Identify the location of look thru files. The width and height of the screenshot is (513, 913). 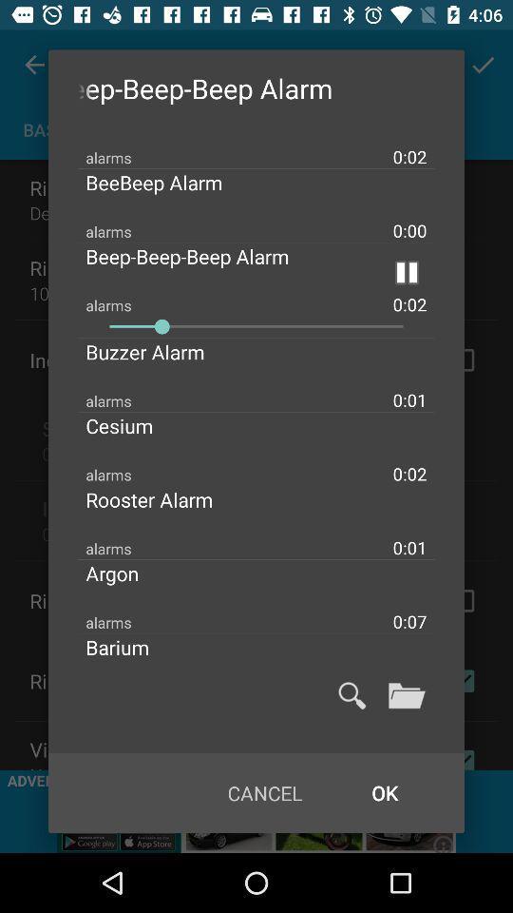
(406, 694).